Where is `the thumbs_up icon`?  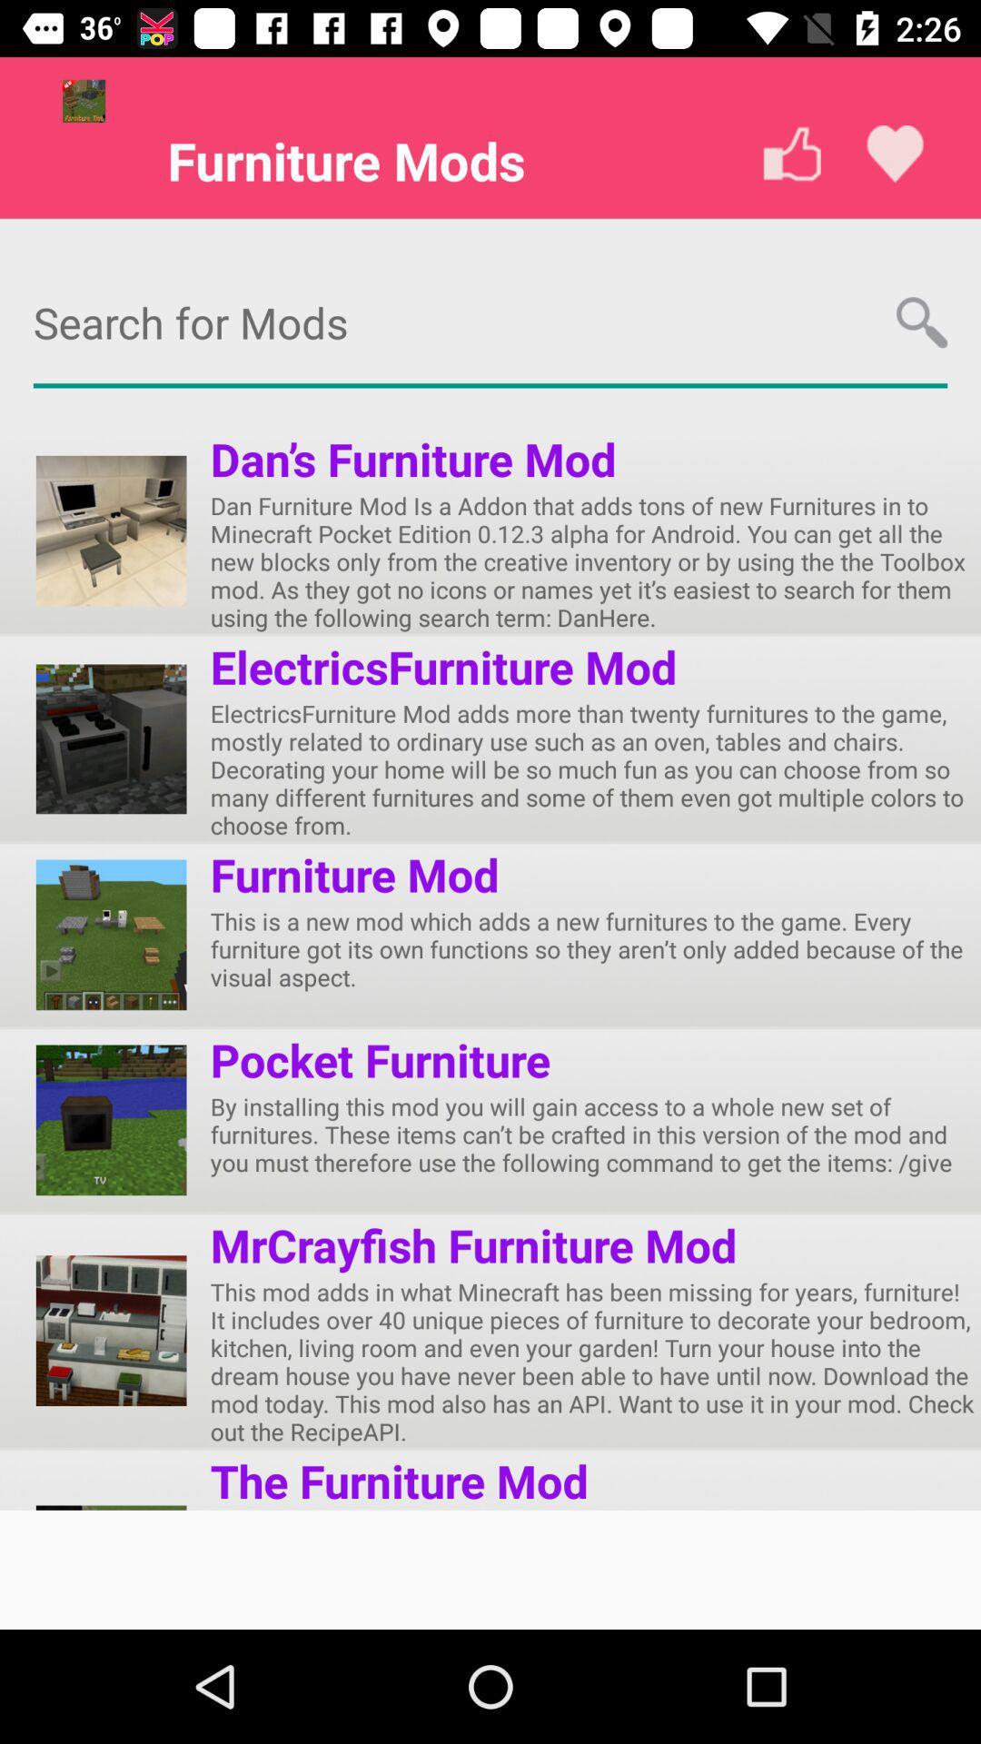
the thumbs_up icon is located at coordinates (791, 154).